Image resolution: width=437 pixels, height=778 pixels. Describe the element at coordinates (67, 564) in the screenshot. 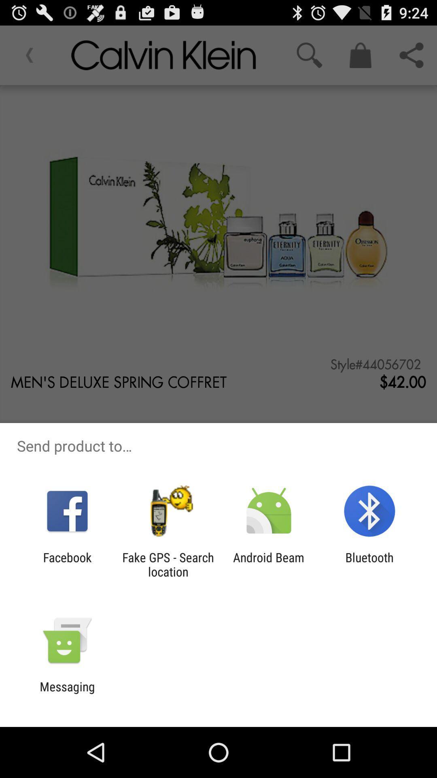

I see `facebook` at that location.